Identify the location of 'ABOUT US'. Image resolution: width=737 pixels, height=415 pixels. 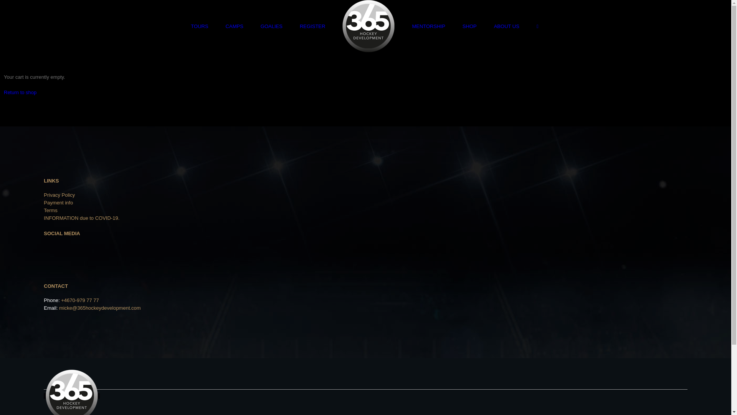
(507, 26).